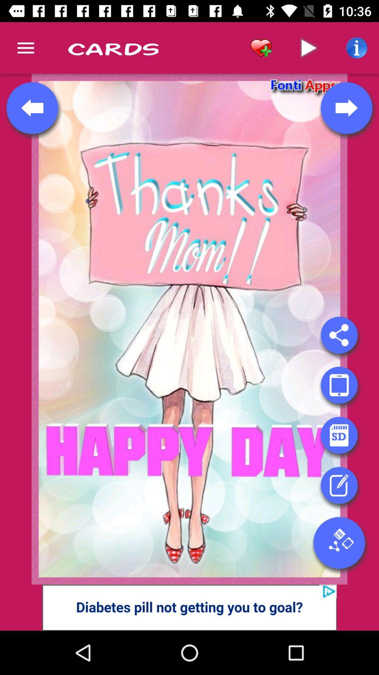  What do you see at coordinates (189, 607) in the screenshot?
I see `open advertisement` at bounding box center [189, 607].